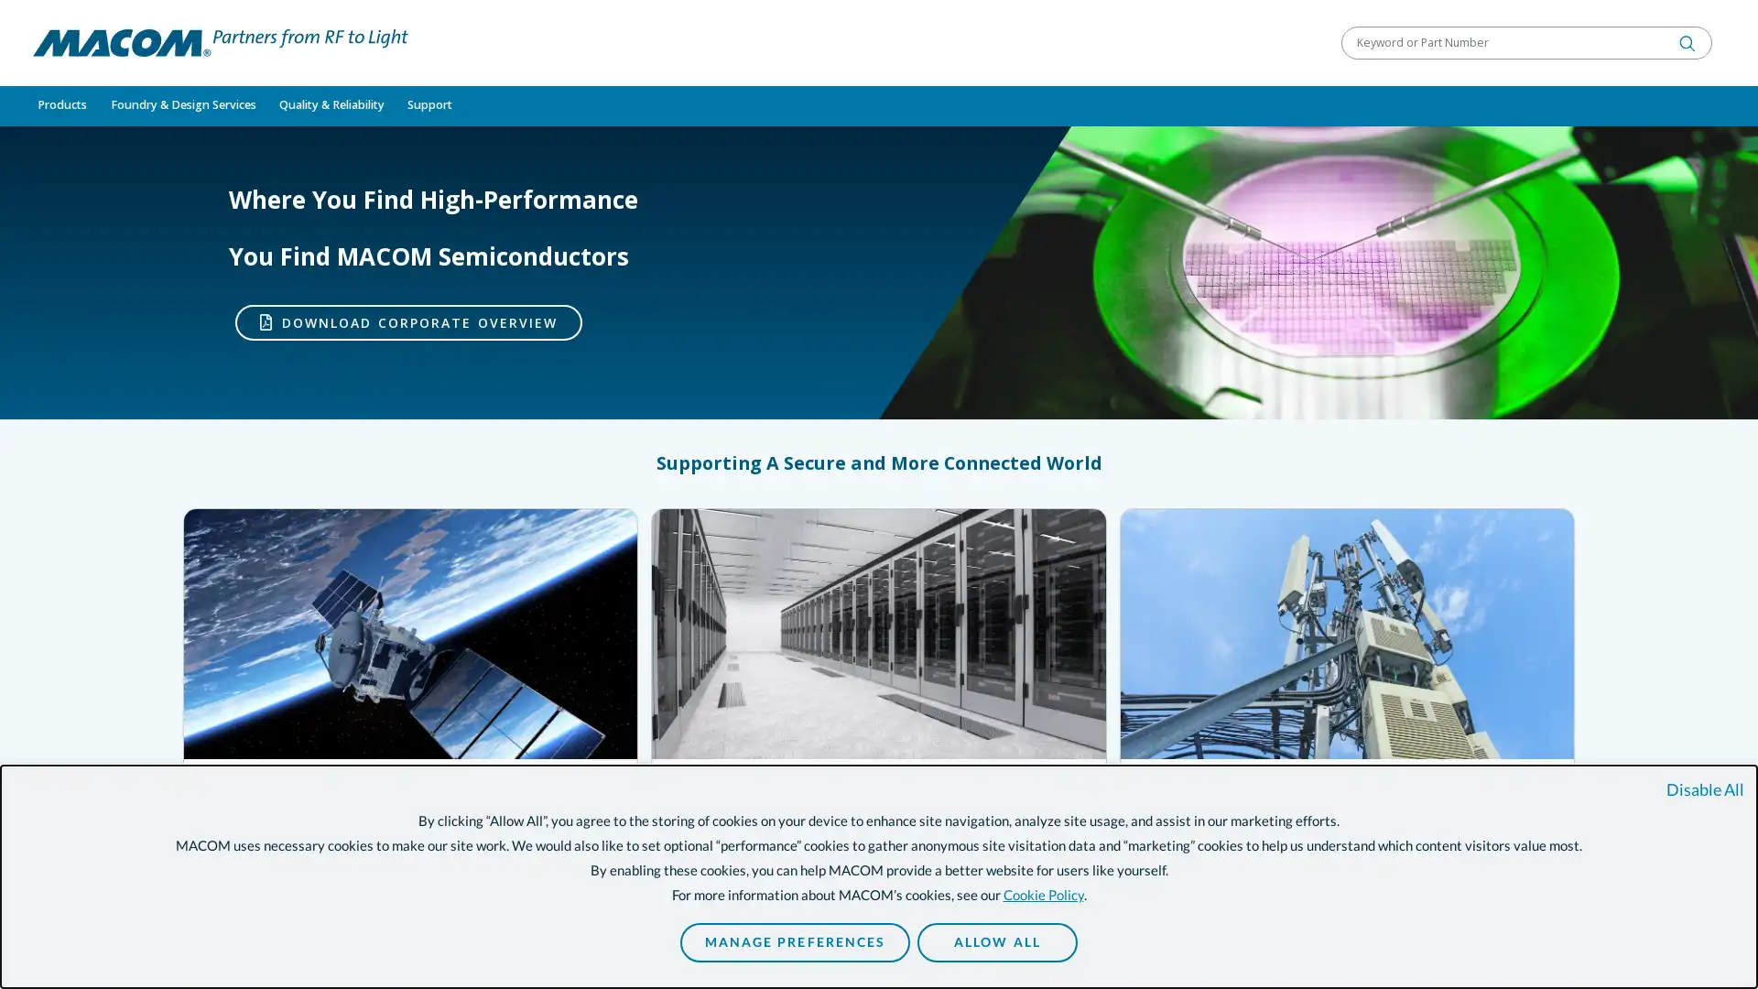  Describe the element at coordinates (1703, 788) in the screenshot. I see `Disable All` at that location.